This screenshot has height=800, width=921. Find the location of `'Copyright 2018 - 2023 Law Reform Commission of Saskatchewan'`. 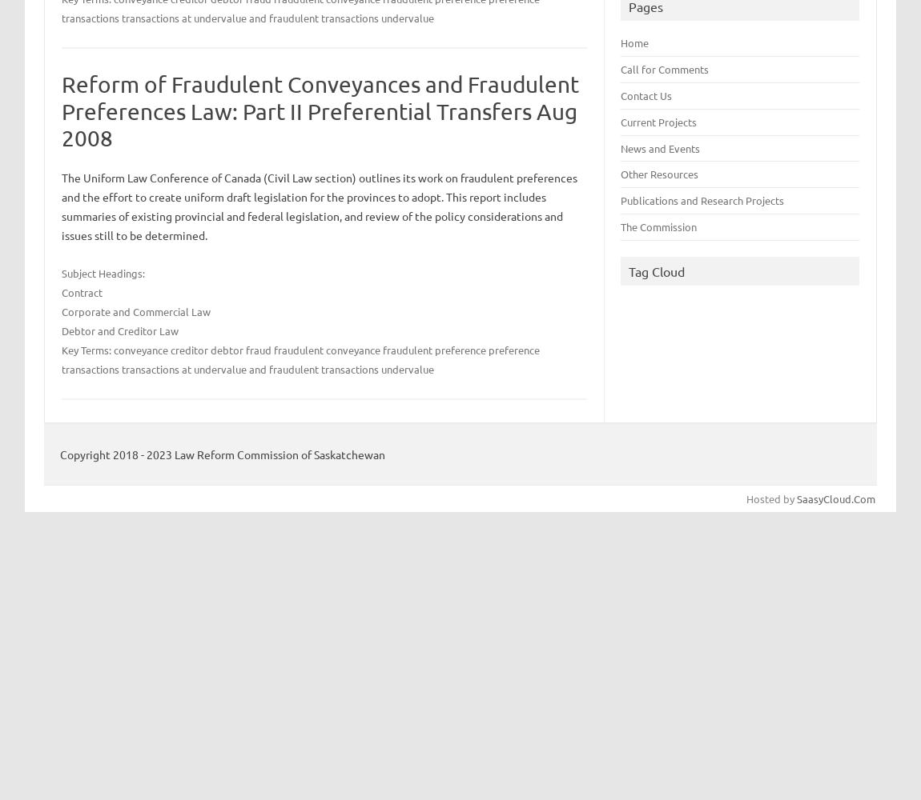

'Copyright 2018 - 2023 Law Reform Commission of Saskatchewan' is located at coordinates (58, 453).